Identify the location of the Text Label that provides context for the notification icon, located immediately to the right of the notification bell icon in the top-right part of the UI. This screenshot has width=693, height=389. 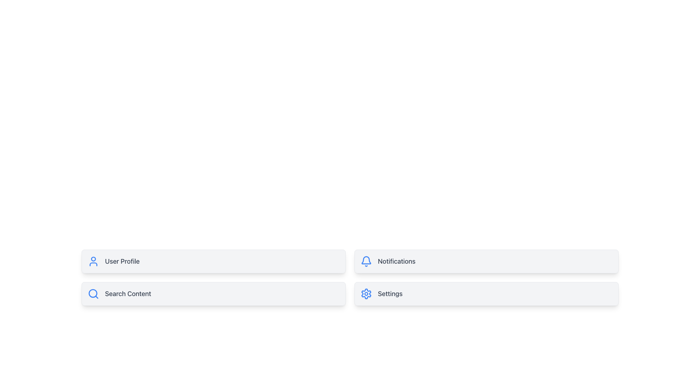
(396, 261).